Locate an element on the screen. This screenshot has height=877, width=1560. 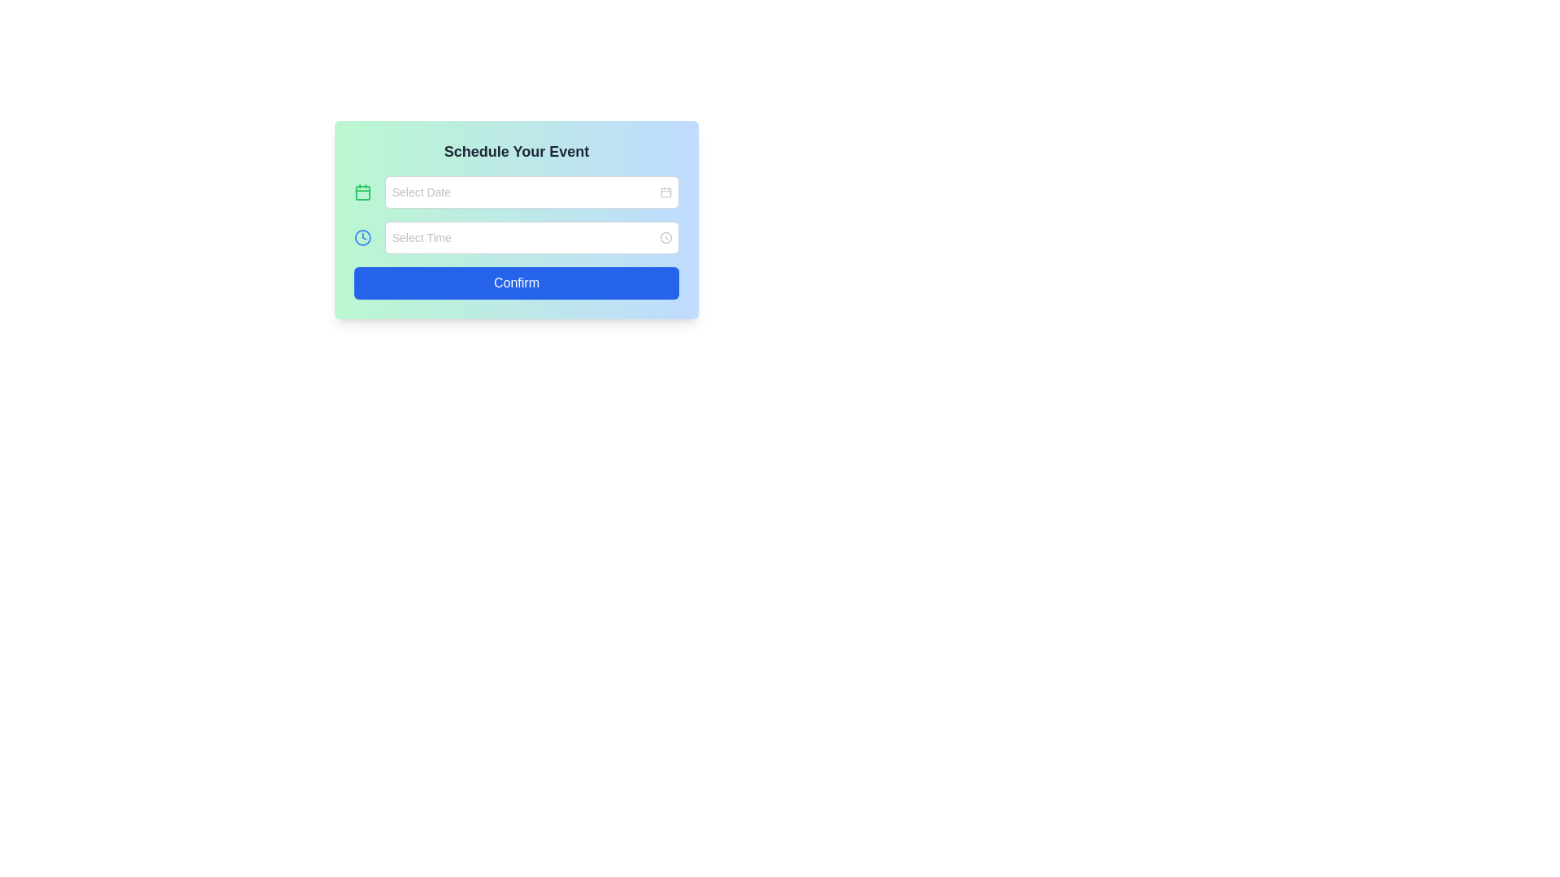
the circular clock icon with a blue stroke and a white background, located to the left of the 'Select Time' input field in the 'Schedule Your Event' interface is located at coordinates (362, 238).